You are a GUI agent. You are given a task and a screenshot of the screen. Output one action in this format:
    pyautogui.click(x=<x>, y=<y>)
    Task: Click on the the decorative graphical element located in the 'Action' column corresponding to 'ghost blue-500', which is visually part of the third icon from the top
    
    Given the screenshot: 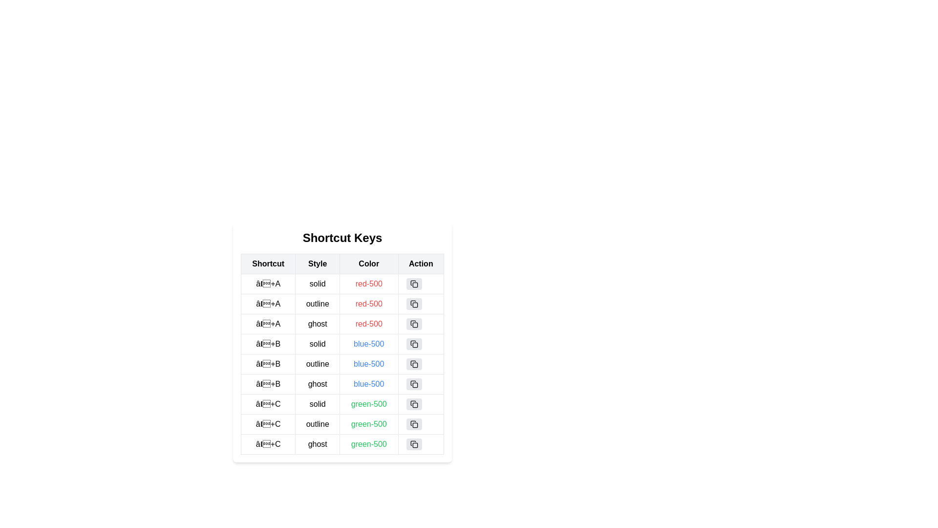 What is the action you would take?
    pyautogui.click(x=415, y=384)
    